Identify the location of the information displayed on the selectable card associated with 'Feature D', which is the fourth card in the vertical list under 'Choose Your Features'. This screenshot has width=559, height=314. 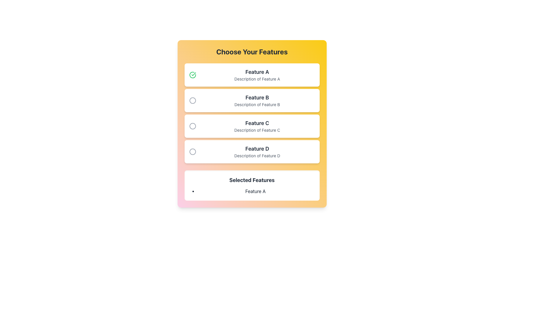
(252, 151).